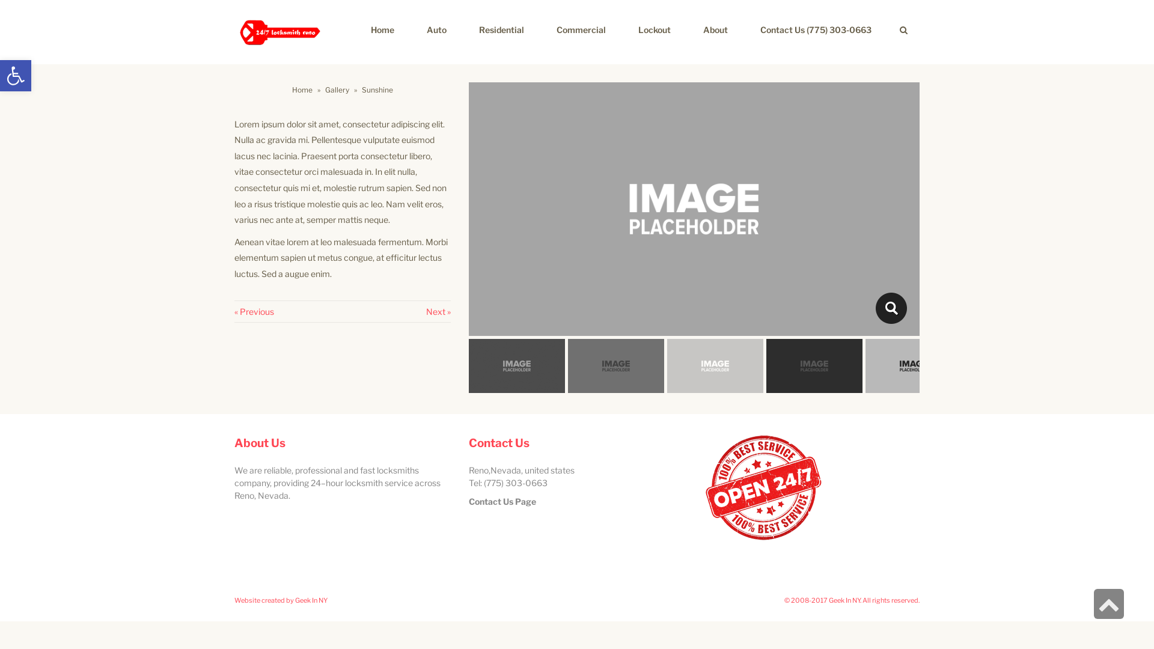 The image size is (1154, 649). I want to click on 'About', so click(715, 29).